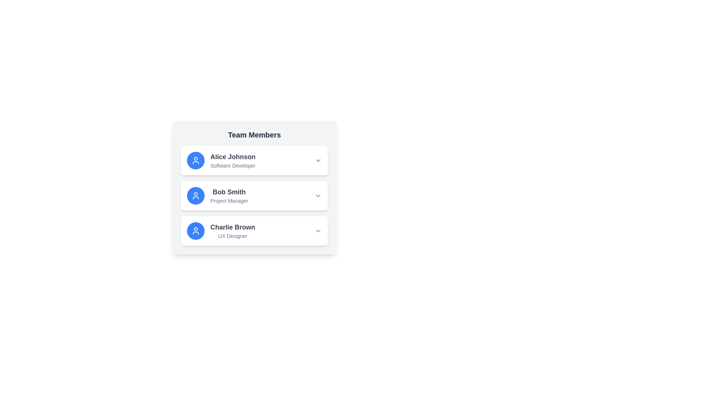 The width and height of the screenshot is (704, 396). Describe the element at coordinates (195, 160) in the screenshot. I see `the circular icon with a blue background and a white user symbol, located to the left of 'Alice Johnson' and 'Software Developer'` at that location.